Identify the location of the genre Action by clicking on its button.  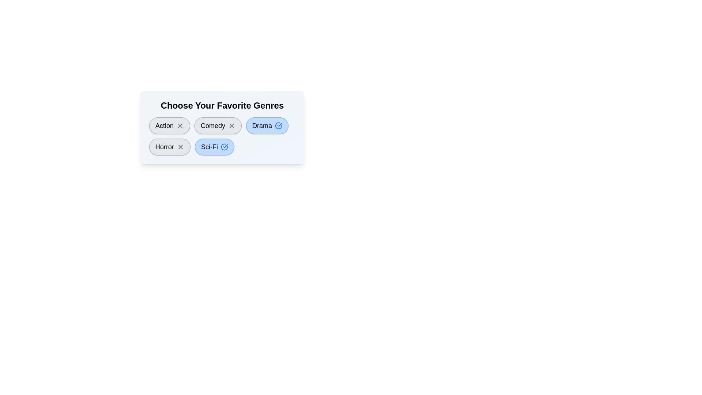
(169, 125).